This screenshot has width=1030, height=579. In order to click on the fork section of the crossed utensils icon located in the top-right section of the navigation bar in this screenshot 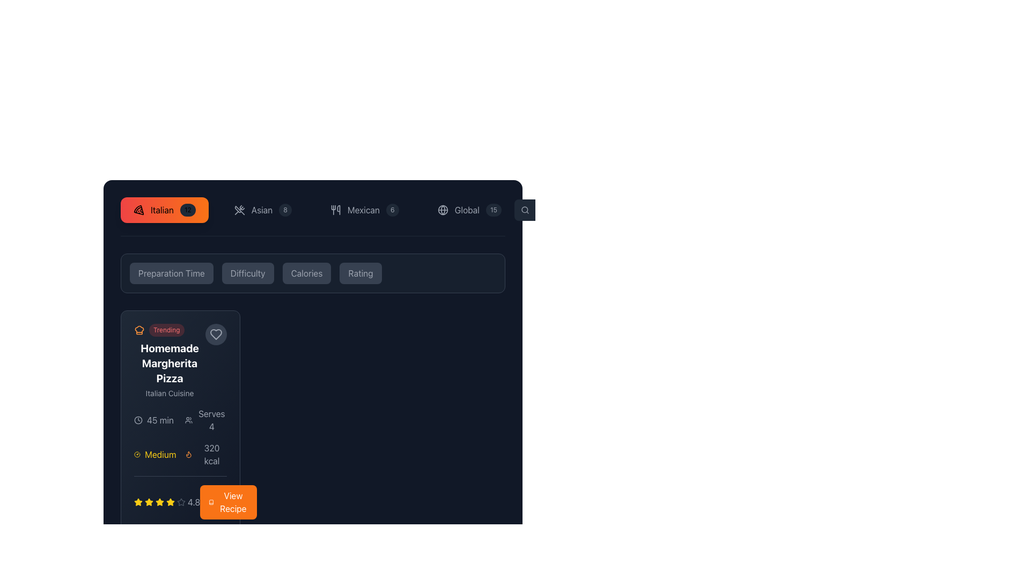, I will do `click(239, 210)`.